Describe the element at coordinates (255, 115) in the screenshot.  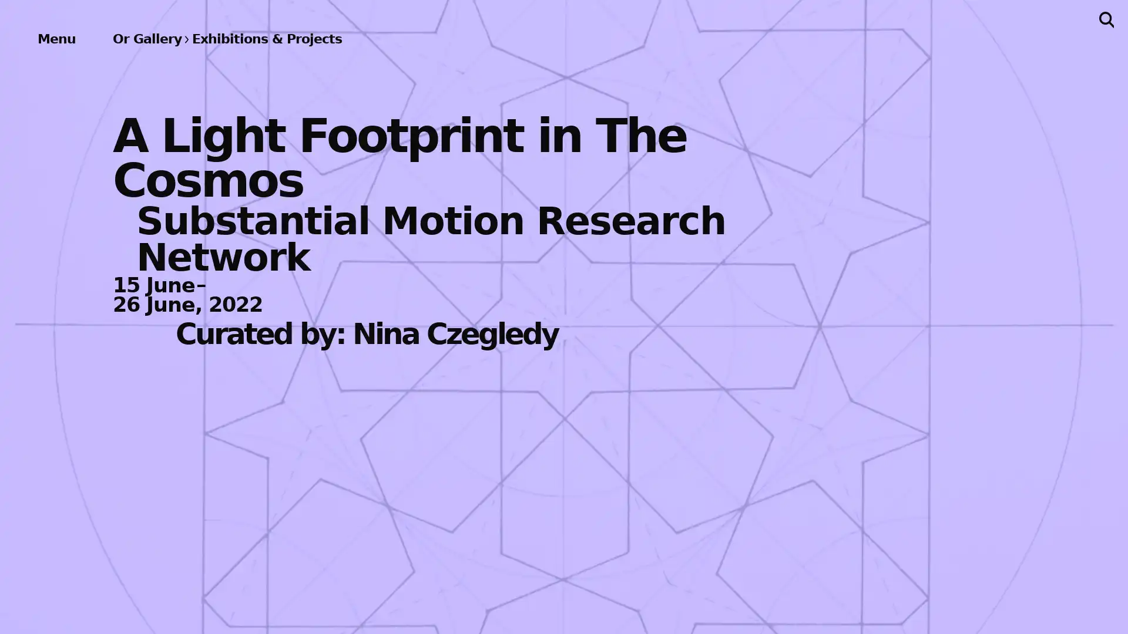
I see `Exhibitions & Projects` at that location.